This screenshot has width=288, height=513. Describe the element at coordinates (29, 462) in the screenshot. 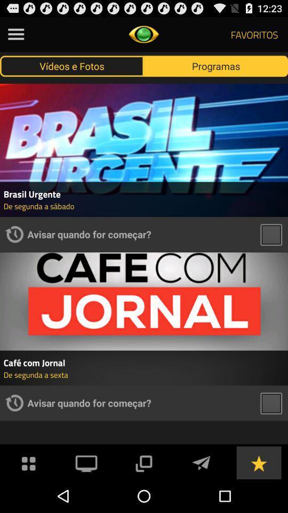

I see `the menu bar` at that location.